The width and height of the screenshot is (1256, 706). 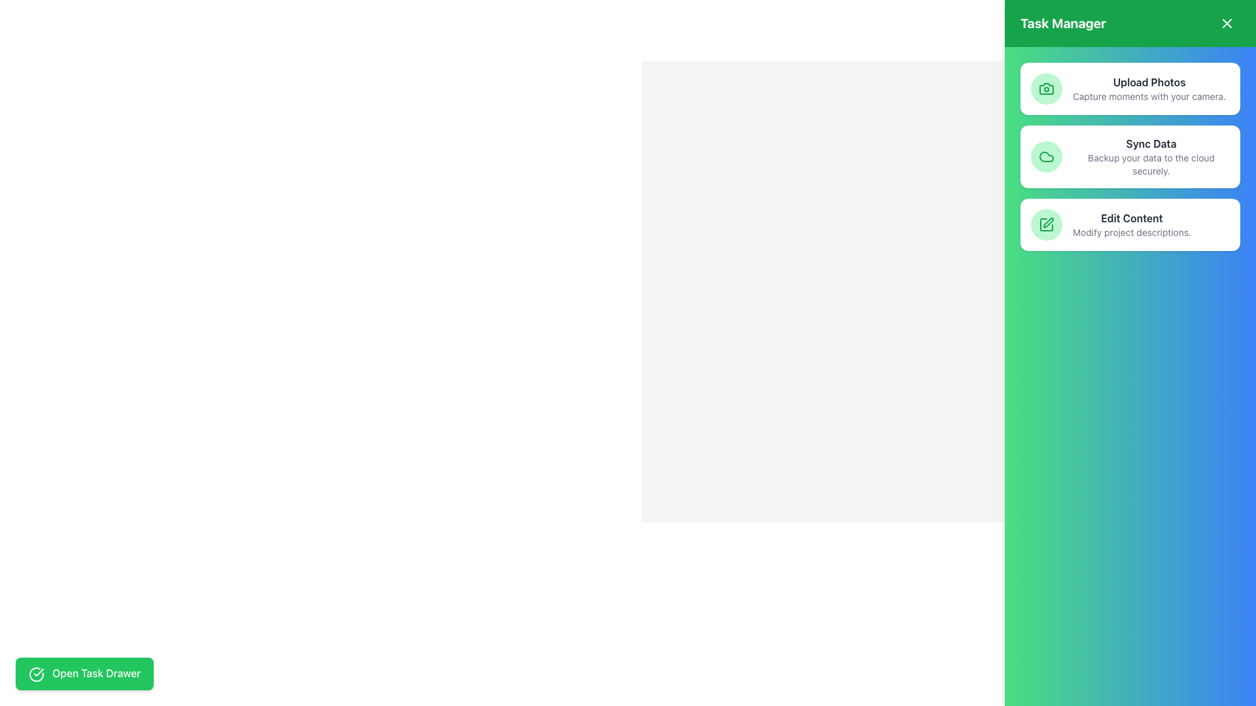 What do you see at coordinates (1045, 224) in the screenshot?
I see `the edit icon located at the top left corner of the 'Edit Content' card` at bounding box center [1045, 224].